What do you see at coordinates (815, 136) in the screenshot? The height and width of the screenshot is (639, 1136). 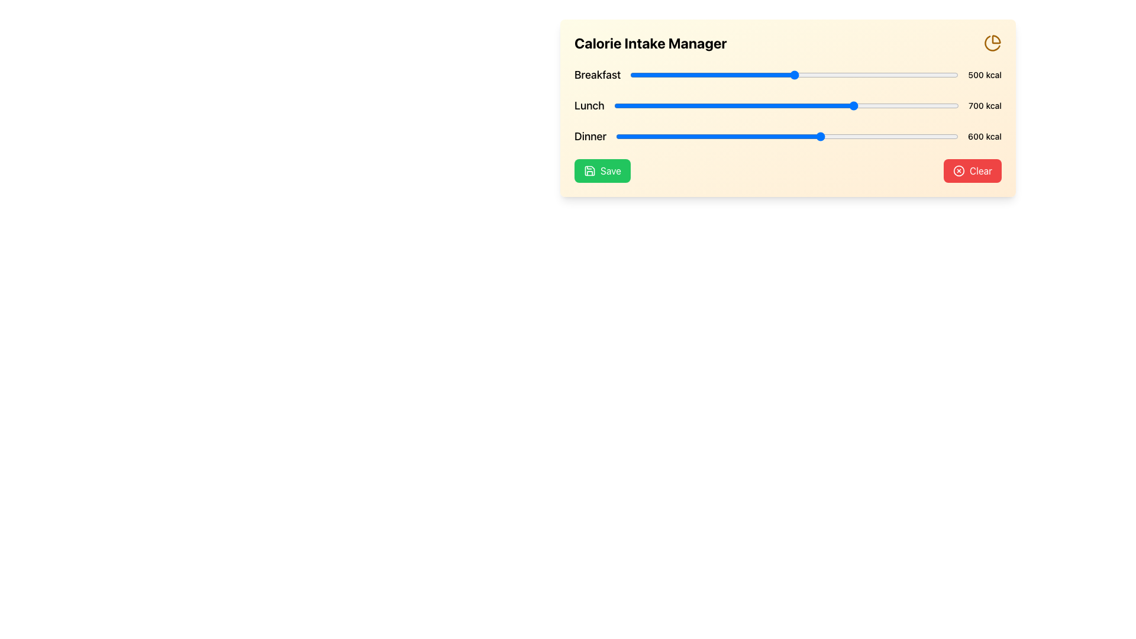 I see `the dinner calorie intake slider` at bounding box center [815, 136].